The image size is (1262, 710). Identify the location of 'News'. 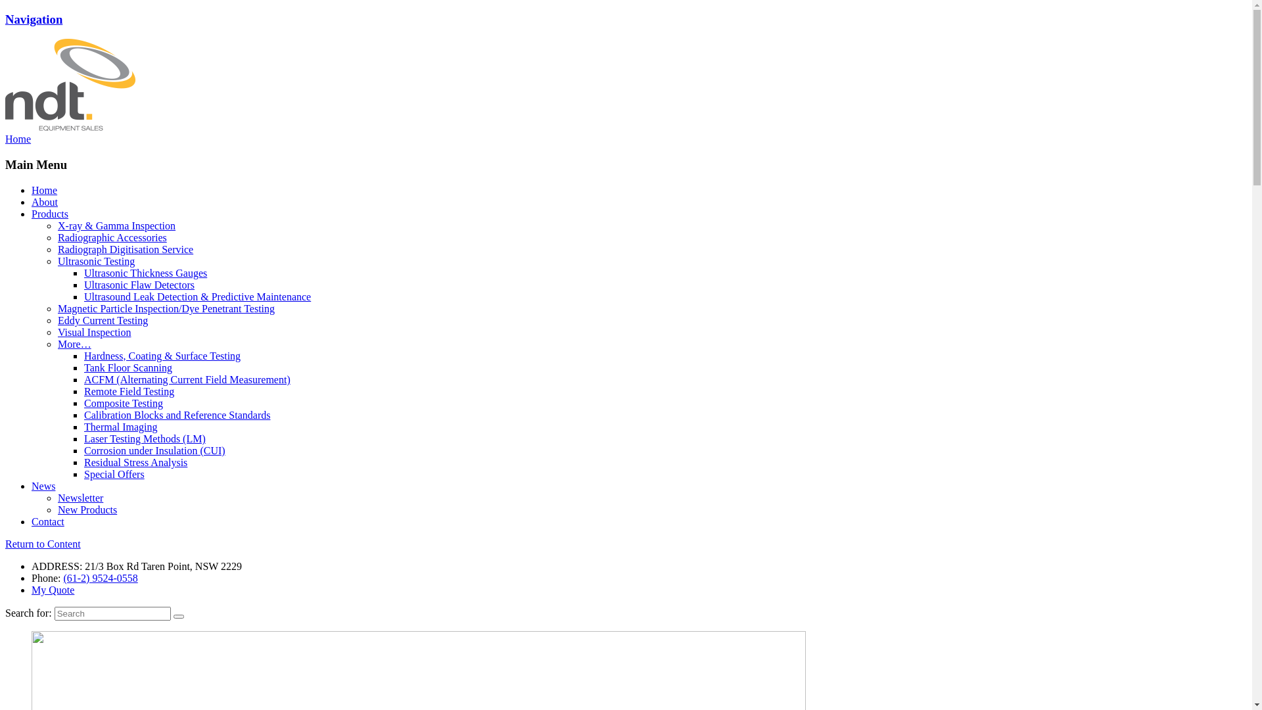
(43, 486).